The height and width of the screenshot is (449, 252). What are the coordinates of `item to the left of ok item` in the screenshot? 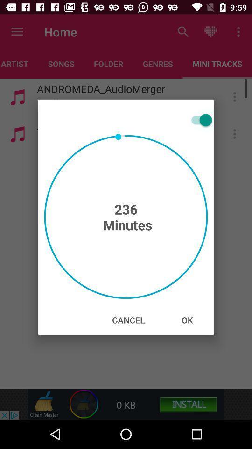 It's located at (128, 320).